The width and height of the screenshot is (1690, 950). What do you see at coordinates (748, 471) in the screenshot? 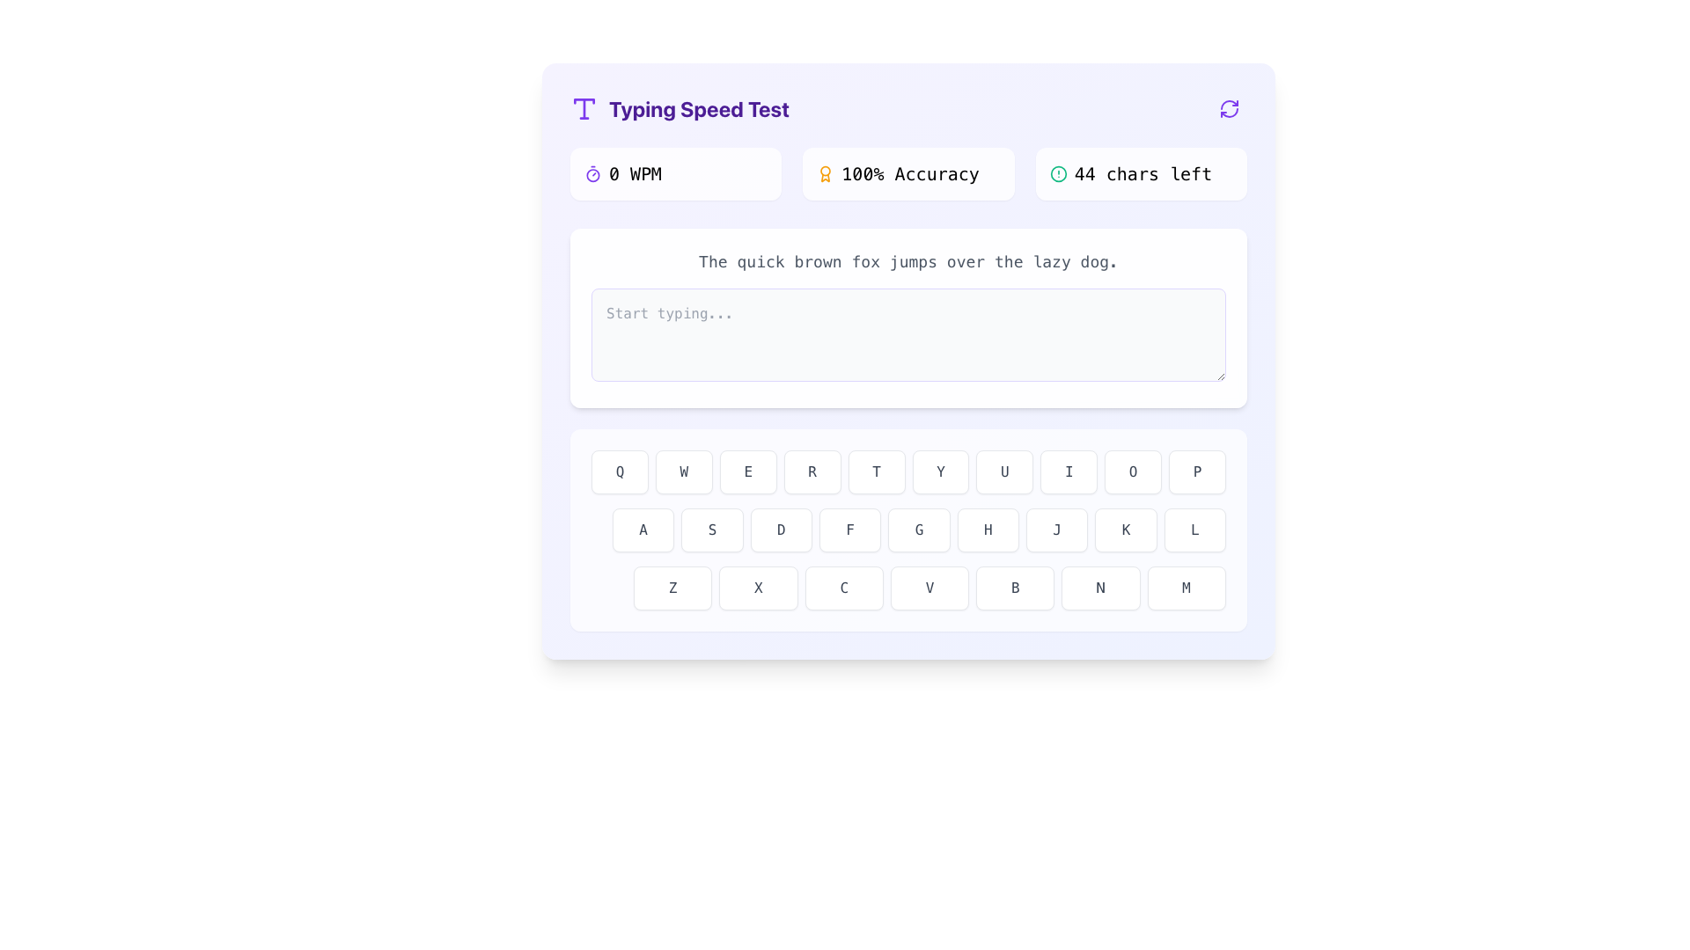
I see `the 'E' button on the virtual keyboard to simulate a key press` at bounding box center [748, 471].